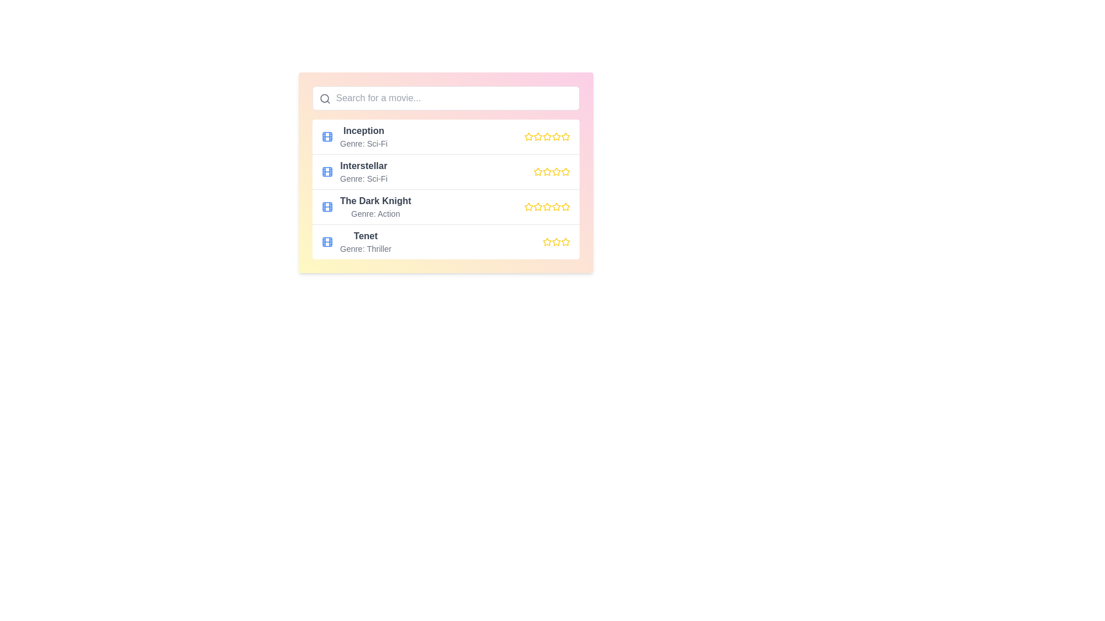  Describe the element at coordinates (546, 206) in the screenshot. I see `the third star icon in the rating section for the movie 'The Dark Knight'` at that location.